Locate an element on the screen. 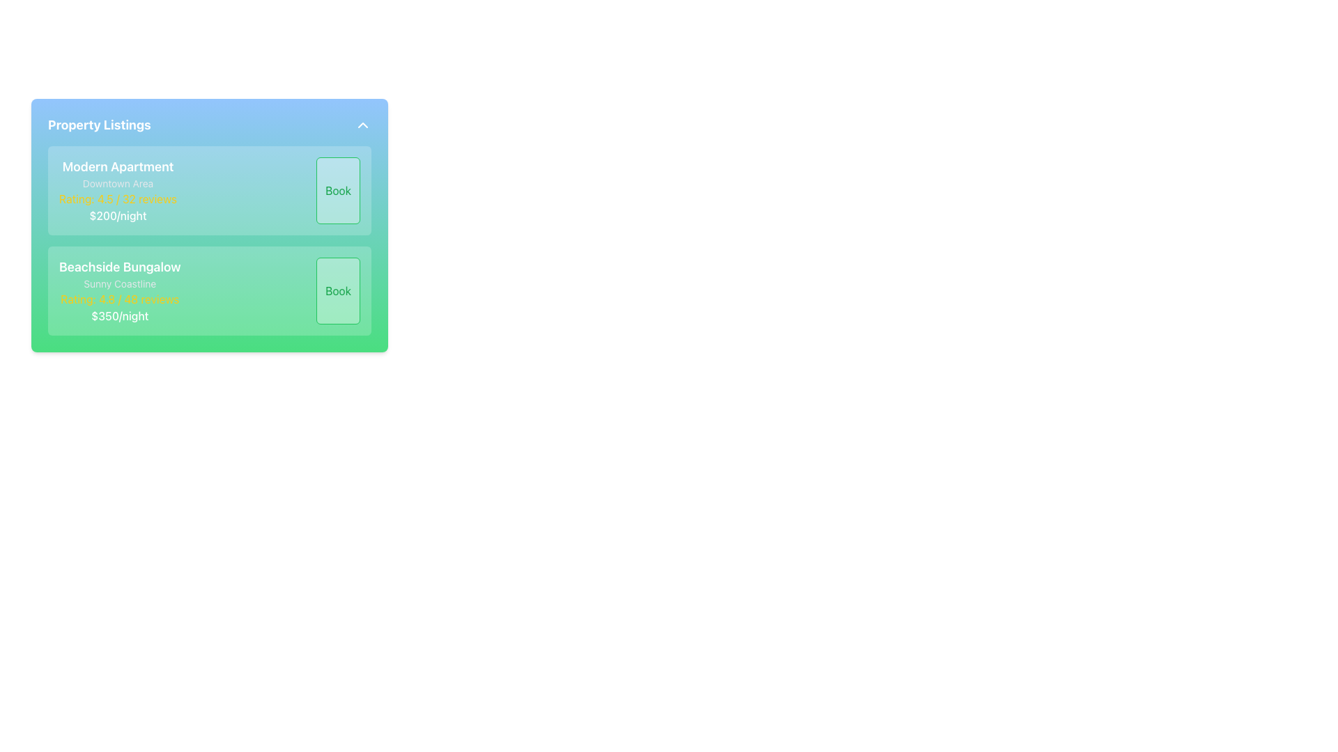 The image size is (1338, 752). the static text label indicating 'Modern Apartment', which is positioned below the title and above the rating summary in the listing card is located at coordinates (118, 182).